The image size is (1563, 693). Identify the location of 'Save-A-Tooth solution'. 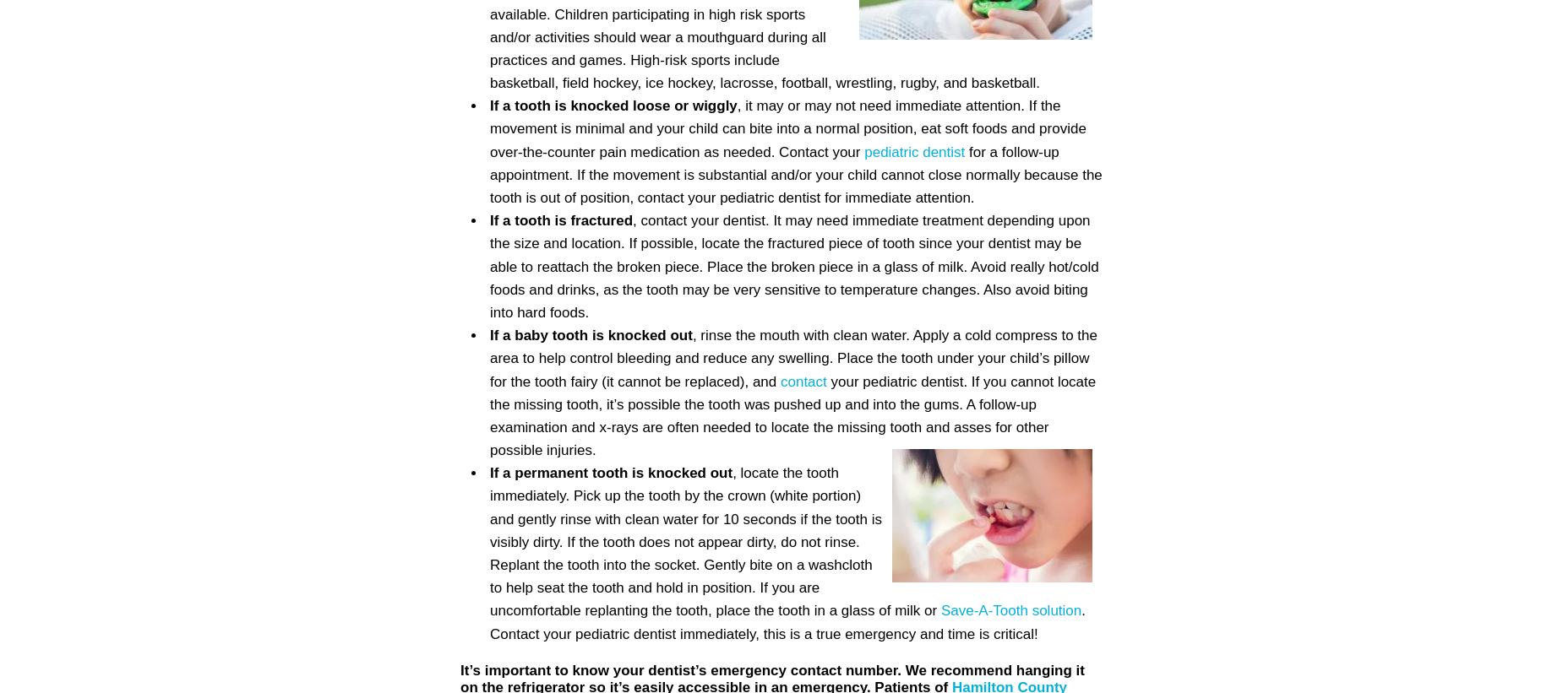
(1010, 610).